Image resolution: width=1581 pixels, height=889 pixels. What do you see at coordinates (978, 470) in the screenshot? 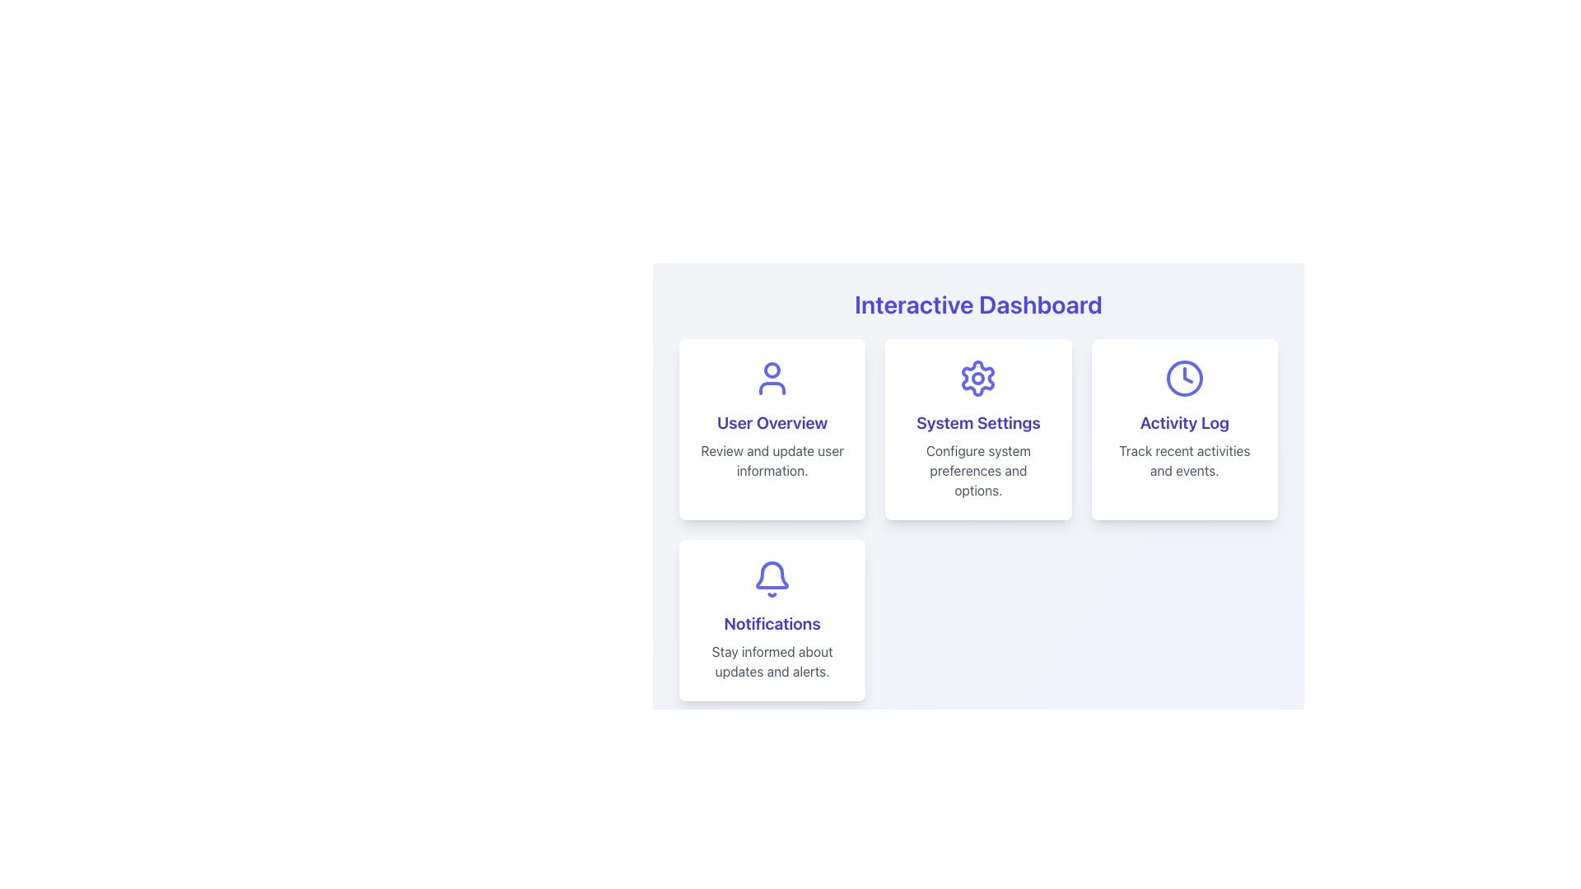
I see `the static text element that reads 'Configure system preferences and options.' located below the heading 'System Settings' within the card for 'System Settings'` at bounding box center [978, 470].